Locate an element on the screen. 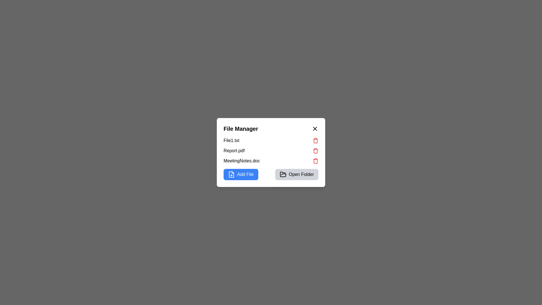 This screenshot has width=542, height=305. the 'Open Folder' button, which is a rectangular button with rounded corners, gray background, and black text, located below the list of files in the 'File Manager' dialog box is located at coordinates (296, 174).